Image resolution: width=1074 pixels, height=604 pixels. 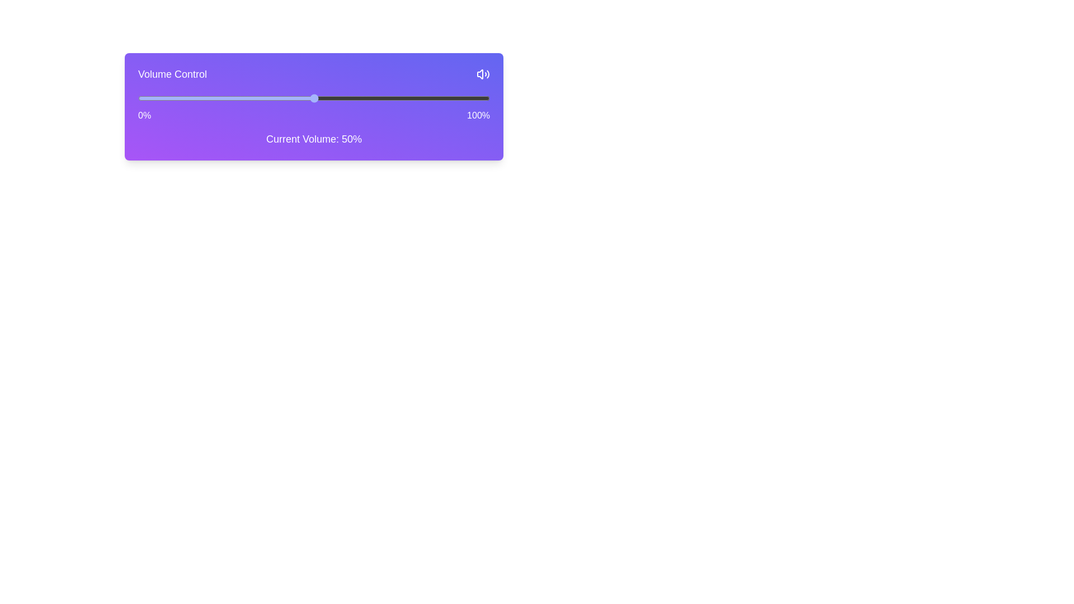 I want to click on the textual label indicating the maximum percentage value at the right end of the progress scale, so click(x=478, y=116).